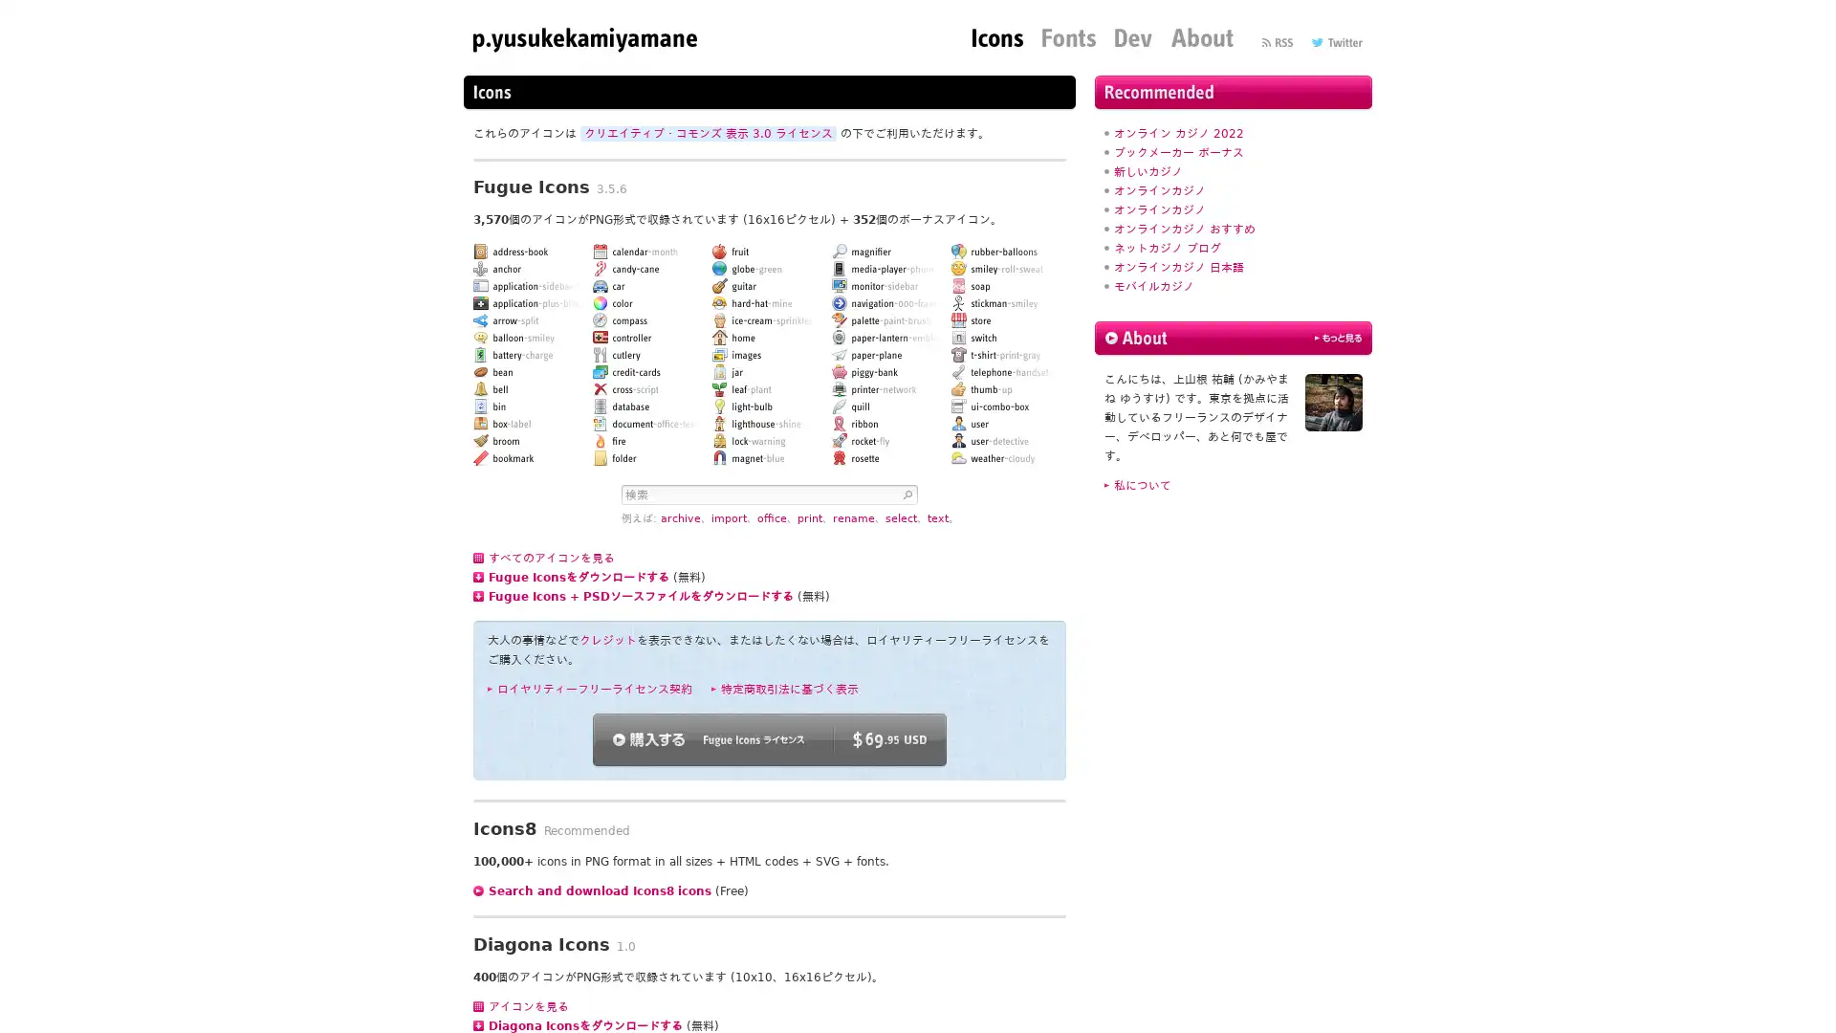  I want to click on Fugue Icons ($69.95 USD), so click(770, 738).